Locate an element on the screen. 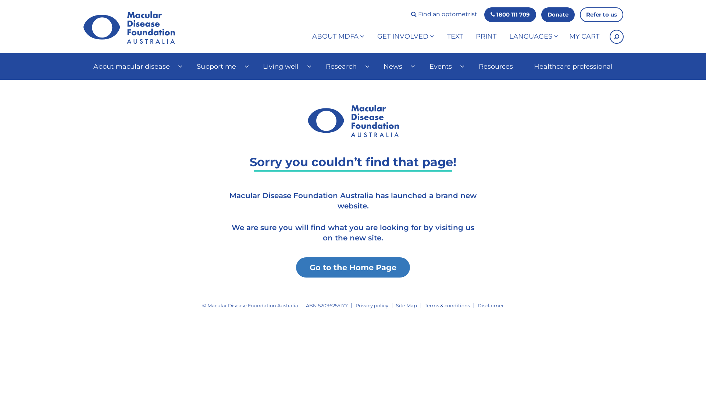  '1800 111 709' is located at coordinates (510, 14).